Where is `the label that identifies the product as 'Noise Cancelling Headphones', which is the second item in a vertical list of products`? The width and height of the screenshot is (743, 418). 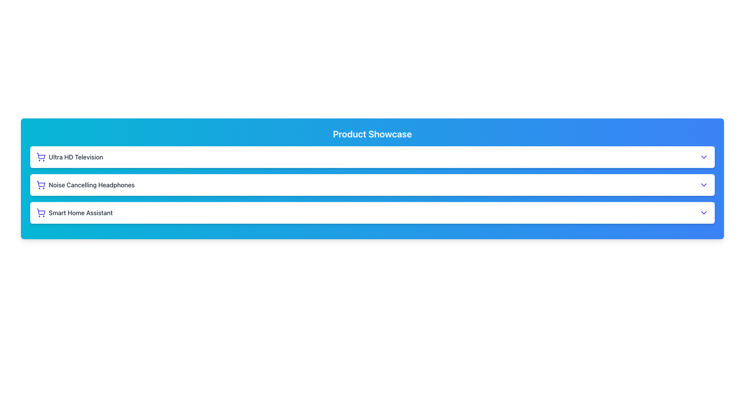
the label that identifies the product as 'Noise Cancelling Headphones', which is the second item in a vertical list of products is located at coordinates (85, 185).